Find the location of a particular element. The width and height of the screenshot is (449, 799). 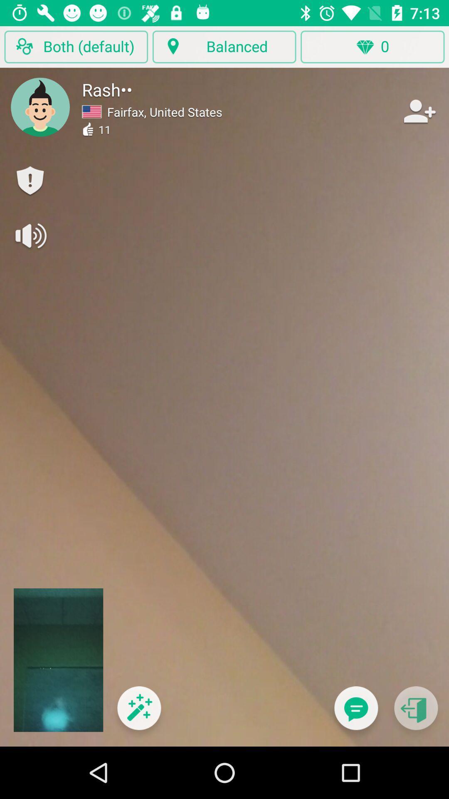

exit chat is located at coordinates (416, 713).